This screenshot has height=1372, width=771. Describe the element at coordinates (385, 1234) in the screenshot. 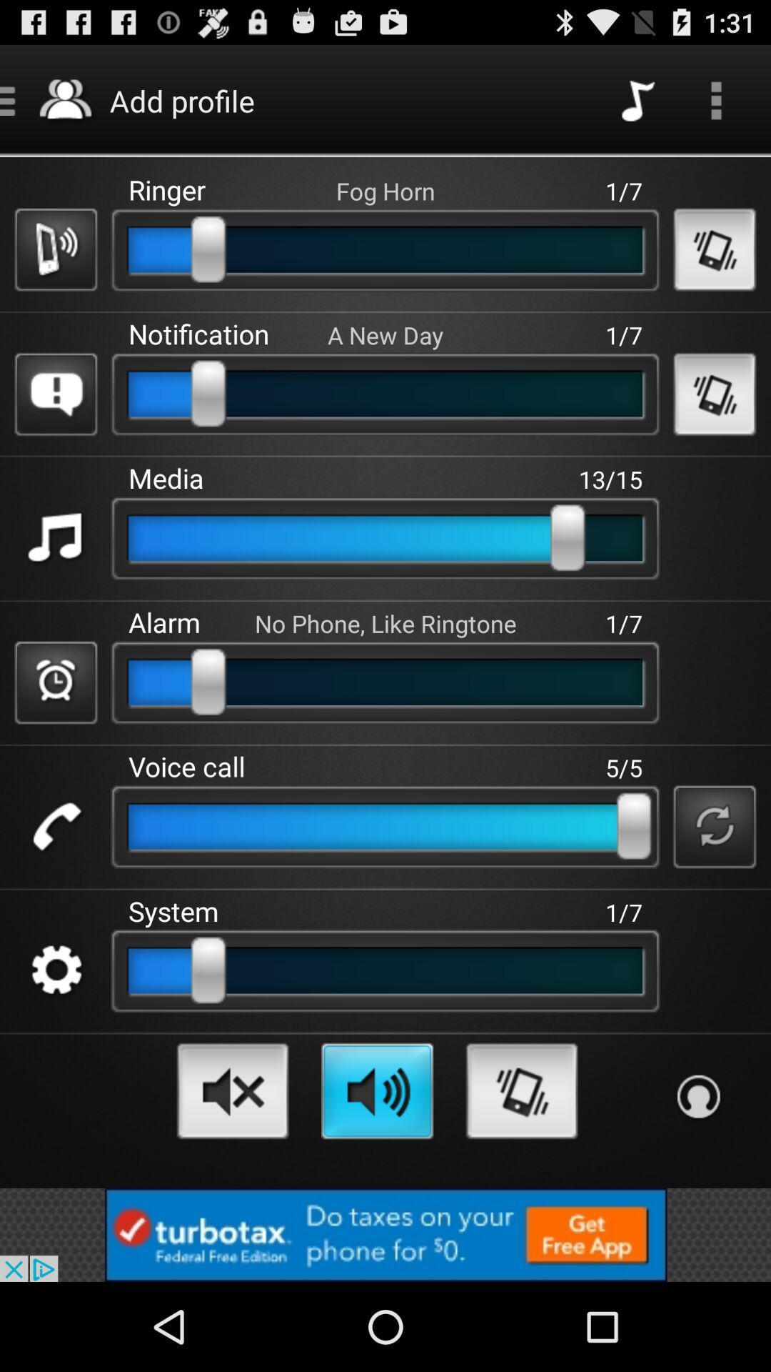

I see `switch advertisement link` at that location.